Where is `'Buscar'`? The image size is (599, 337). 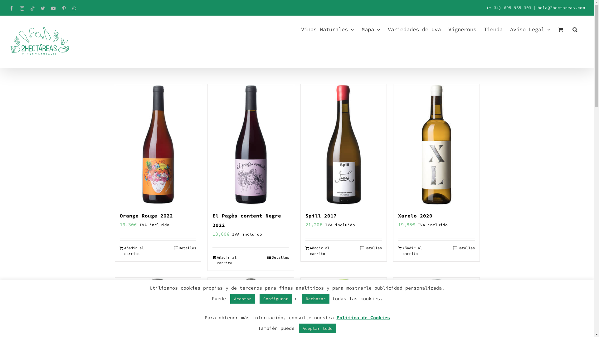 'Buscar' is located at coordinates (575, 29).